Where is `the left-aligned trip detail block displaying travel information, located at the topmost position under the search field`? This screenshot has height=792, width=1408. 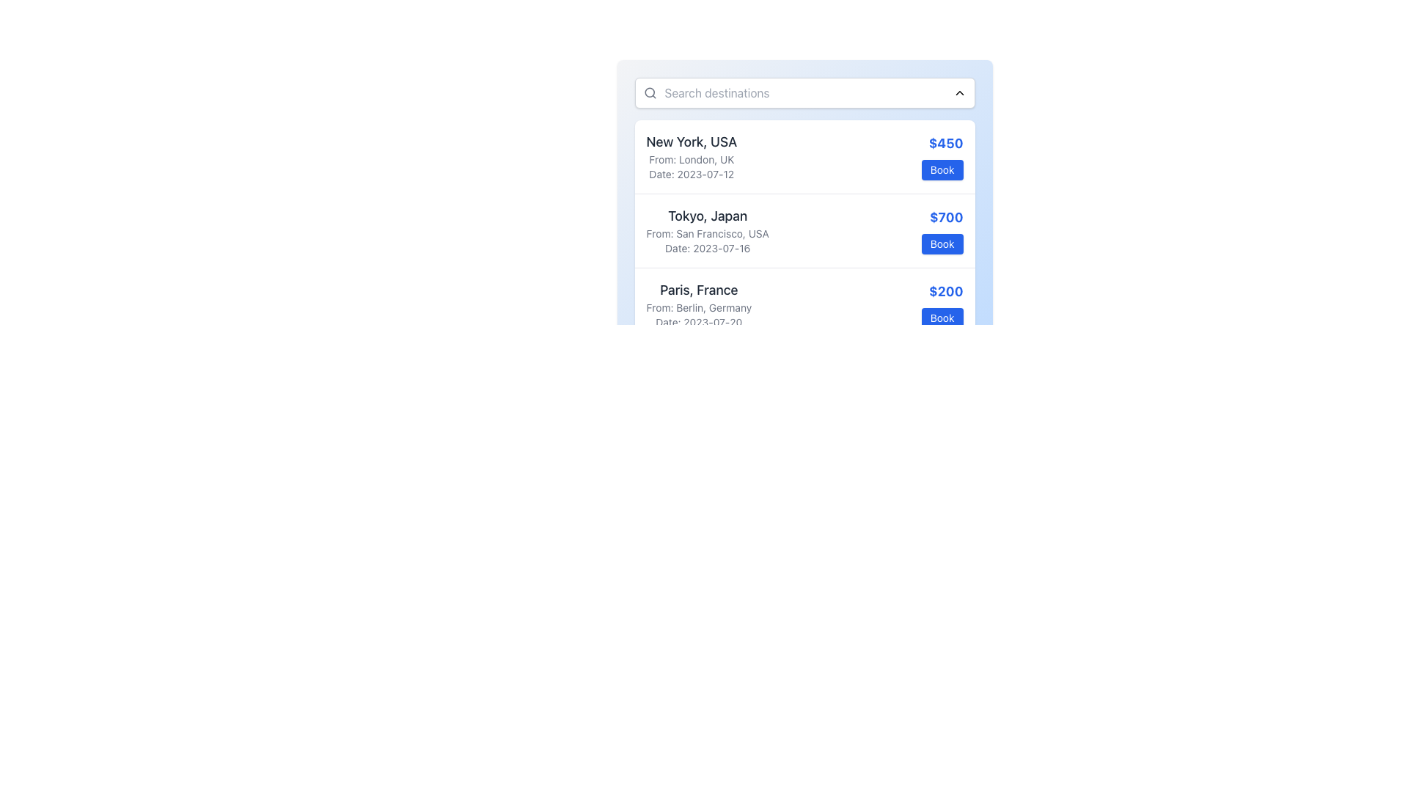 the left-aligned trip detail block displaying travel information, located at the topmost position under the search field is located at coordinates (691, 156).